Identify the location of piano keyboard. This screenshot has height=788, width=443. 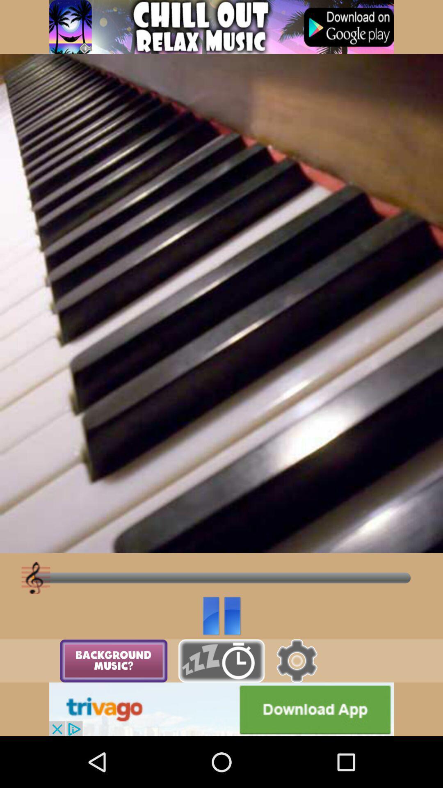
(221, 661).